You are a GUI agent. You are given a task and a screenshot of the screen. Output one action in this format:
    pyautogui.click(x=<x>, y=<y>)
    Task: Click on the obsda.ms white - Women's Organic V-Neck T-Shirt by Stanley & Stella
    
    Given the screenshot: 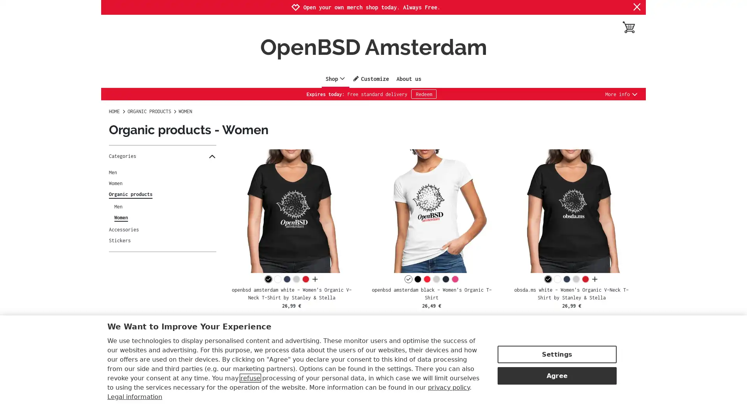 What is the action you would take?
    pyautogui.click(x=571, y=211)
    